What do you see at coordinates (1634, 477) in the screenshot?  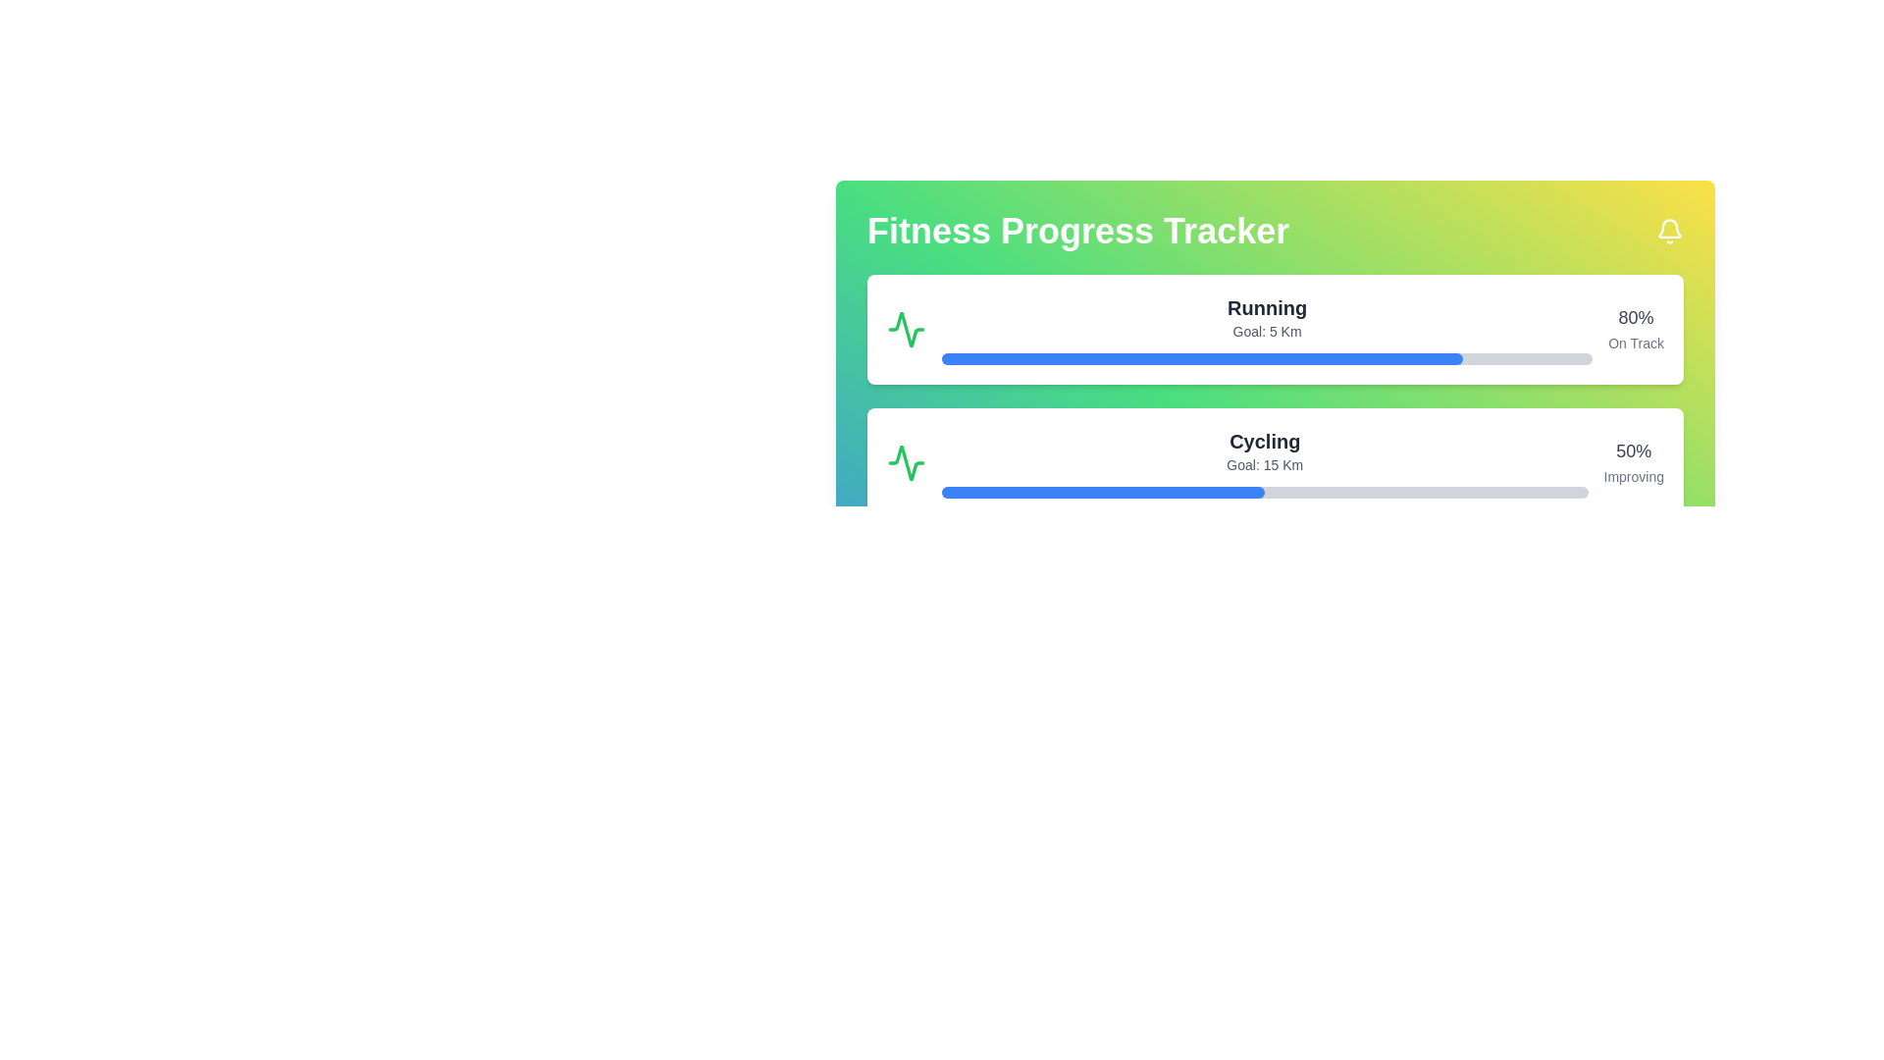 I see `the small gray text element displaying the word 'Improving' located beneath the percentage indicator in the second progress card (Cycling)` at bounding box center [1634, 477].